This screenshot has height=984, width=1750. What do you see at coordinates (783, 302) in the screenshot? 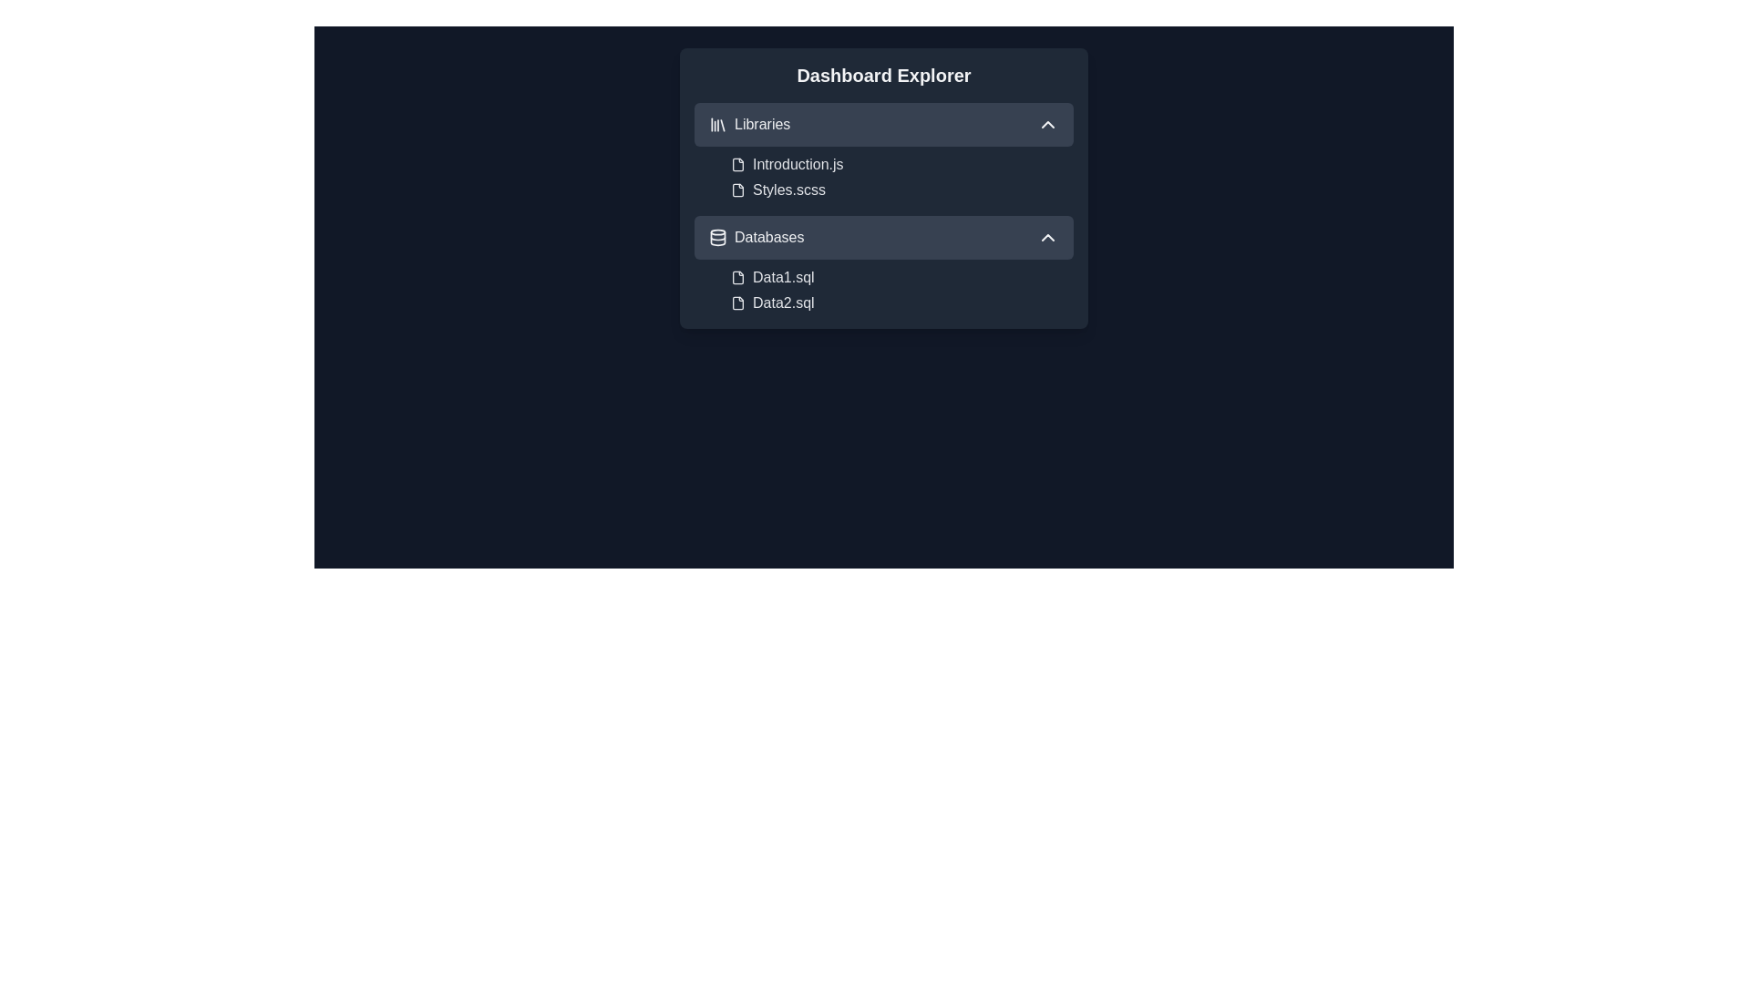
I see `the text label for the database file named 'Data2.sql' located within the 'Databases' section of the 'Dashboard Explorer' interface` at bounding box center [783, 302].